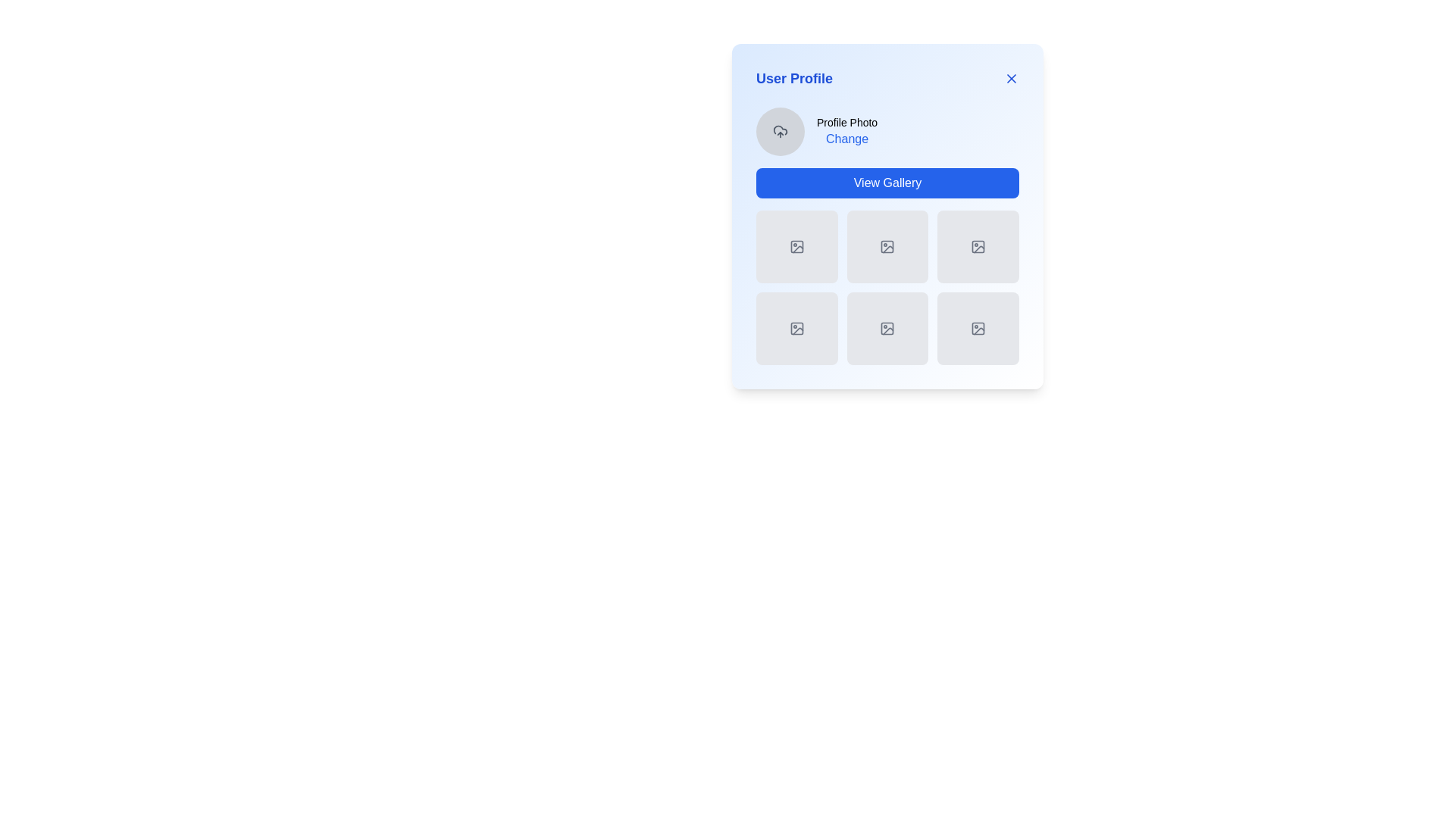  What do you see at coordinates (887, 216) in the screenshot?
I see `the image placeholder element located in the grid layout` at bounding box center [887, 216].